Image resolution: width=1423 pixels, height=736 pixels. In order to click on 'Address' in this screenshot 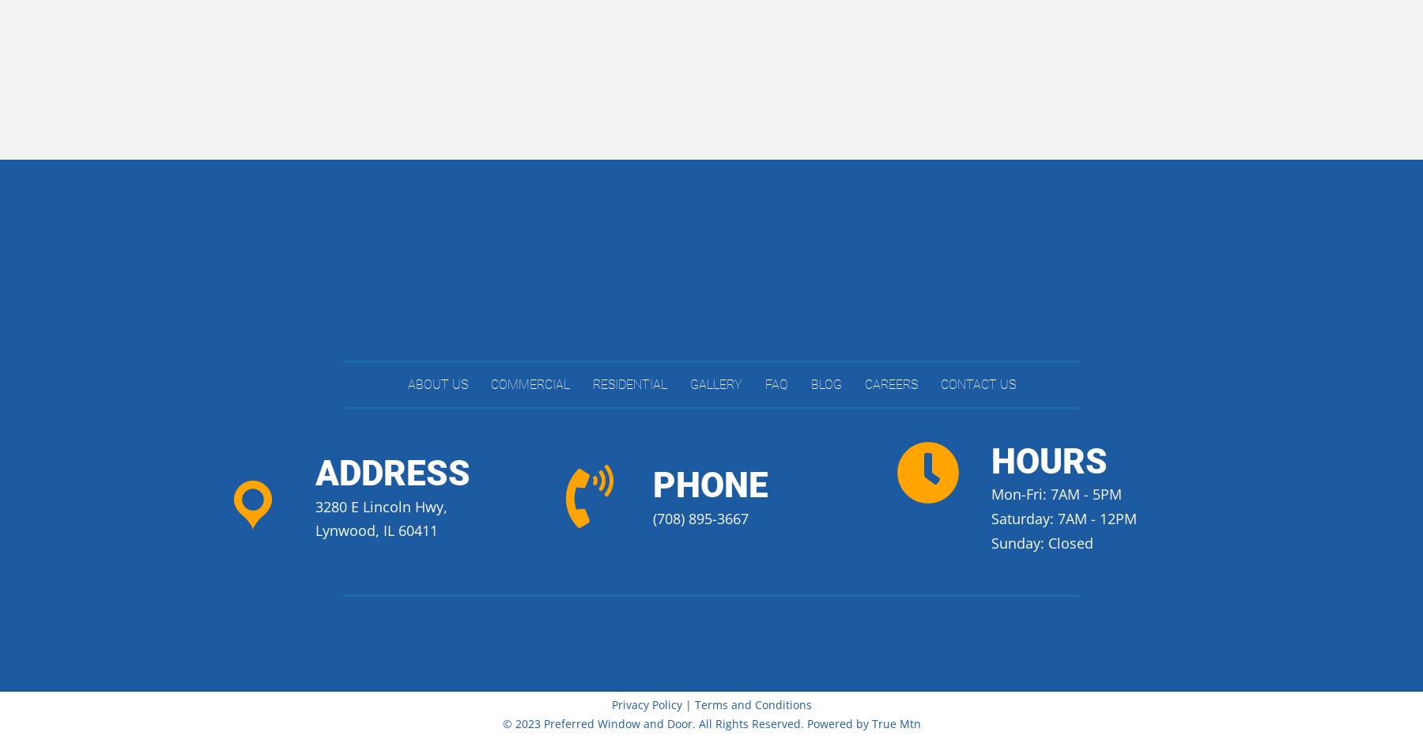, I will do `click(391, 471)`.